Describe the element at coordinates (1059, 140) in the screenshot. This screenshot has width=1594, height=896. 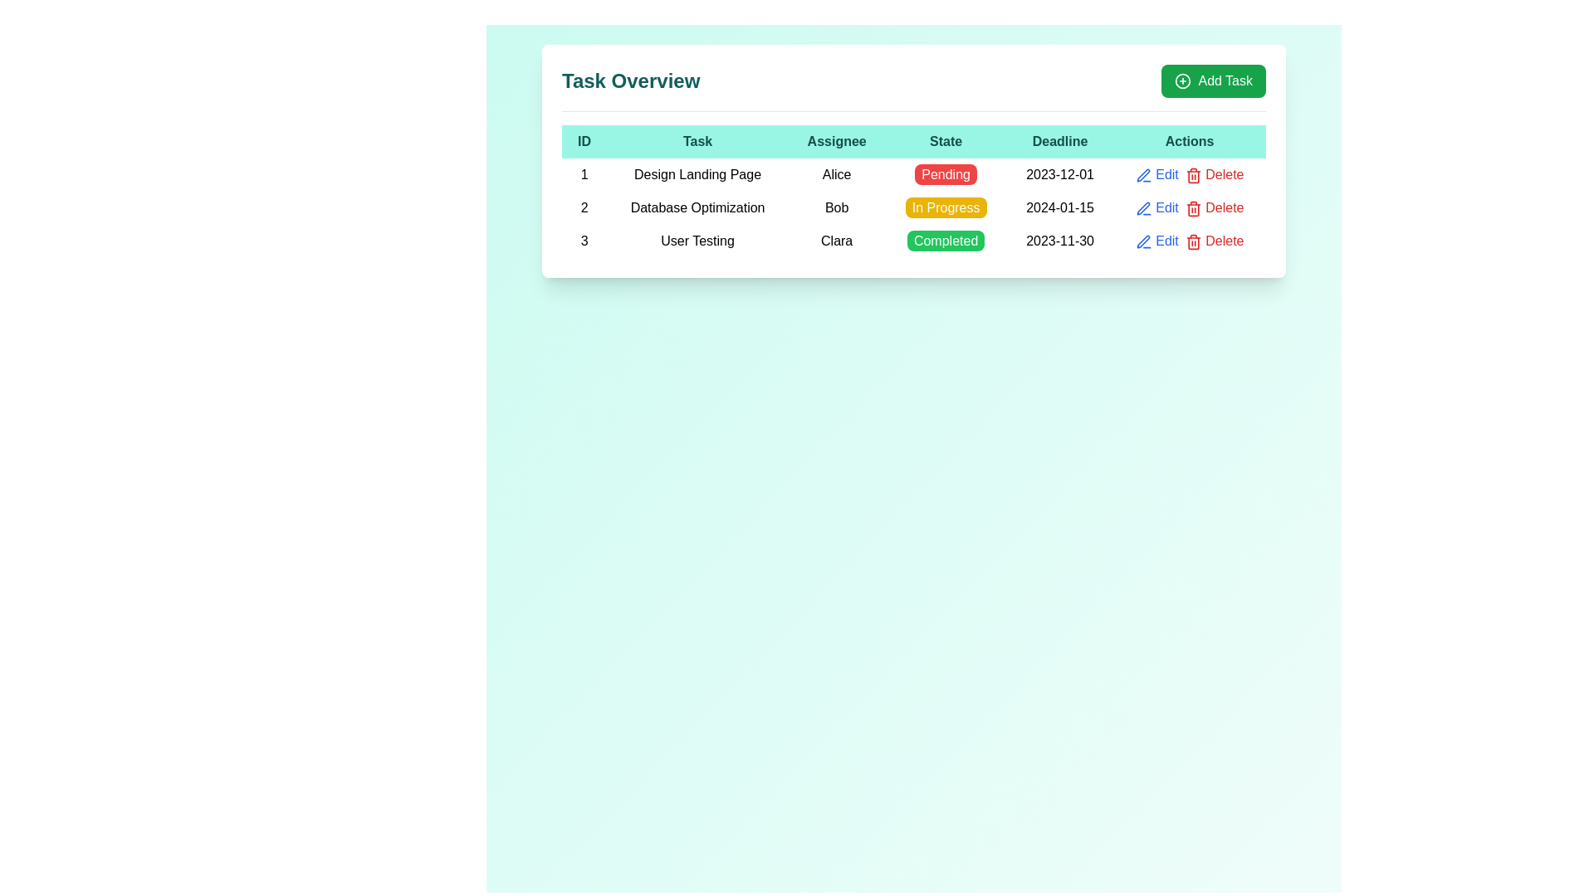
I see `the 'Deadline' label, which is styled with a light teal background and bold black text, located in the header row of a table-like interface` at that location.